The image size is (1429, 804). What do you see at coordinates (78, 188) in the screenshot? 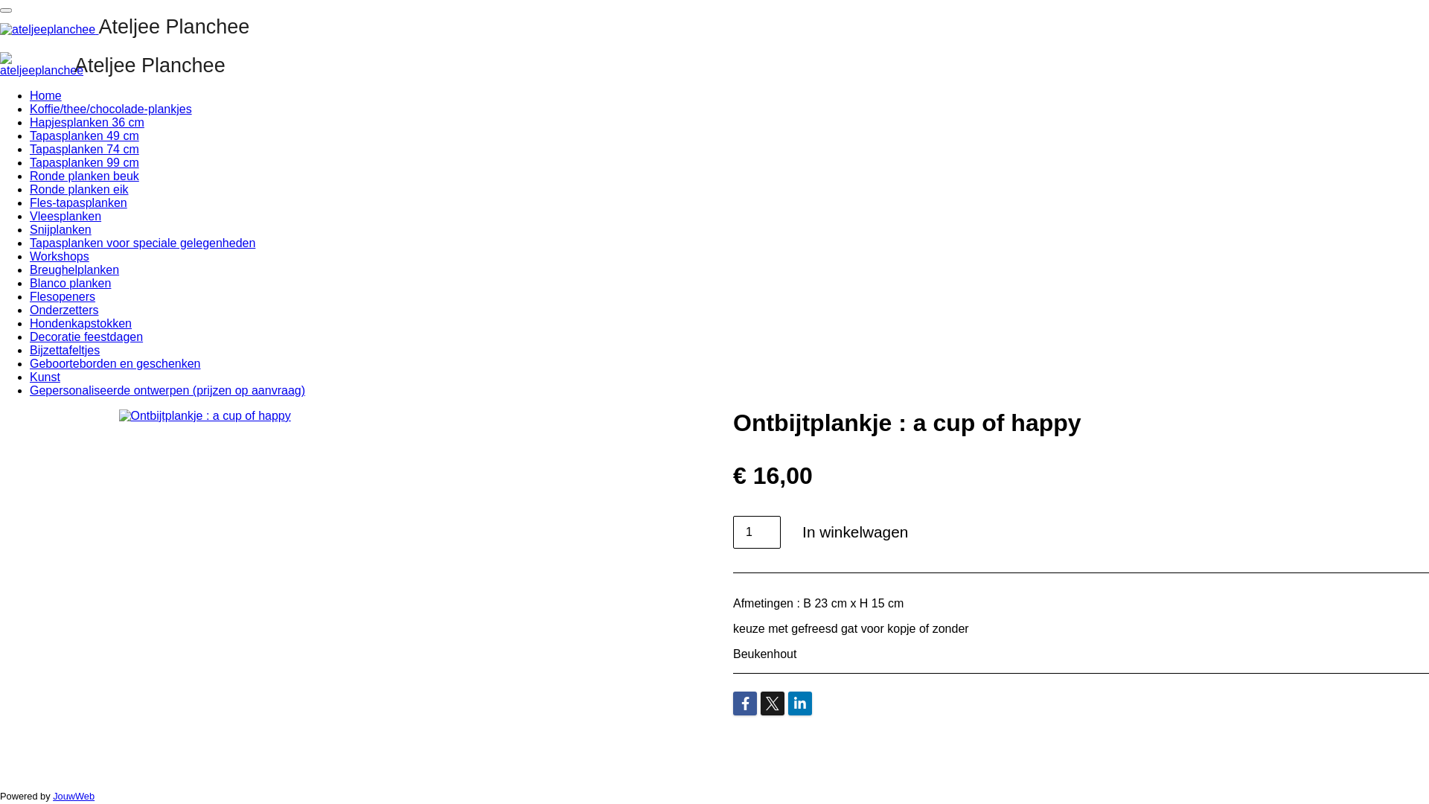
I see `'Ronde planken eik'` at bounding box center [78, 188].